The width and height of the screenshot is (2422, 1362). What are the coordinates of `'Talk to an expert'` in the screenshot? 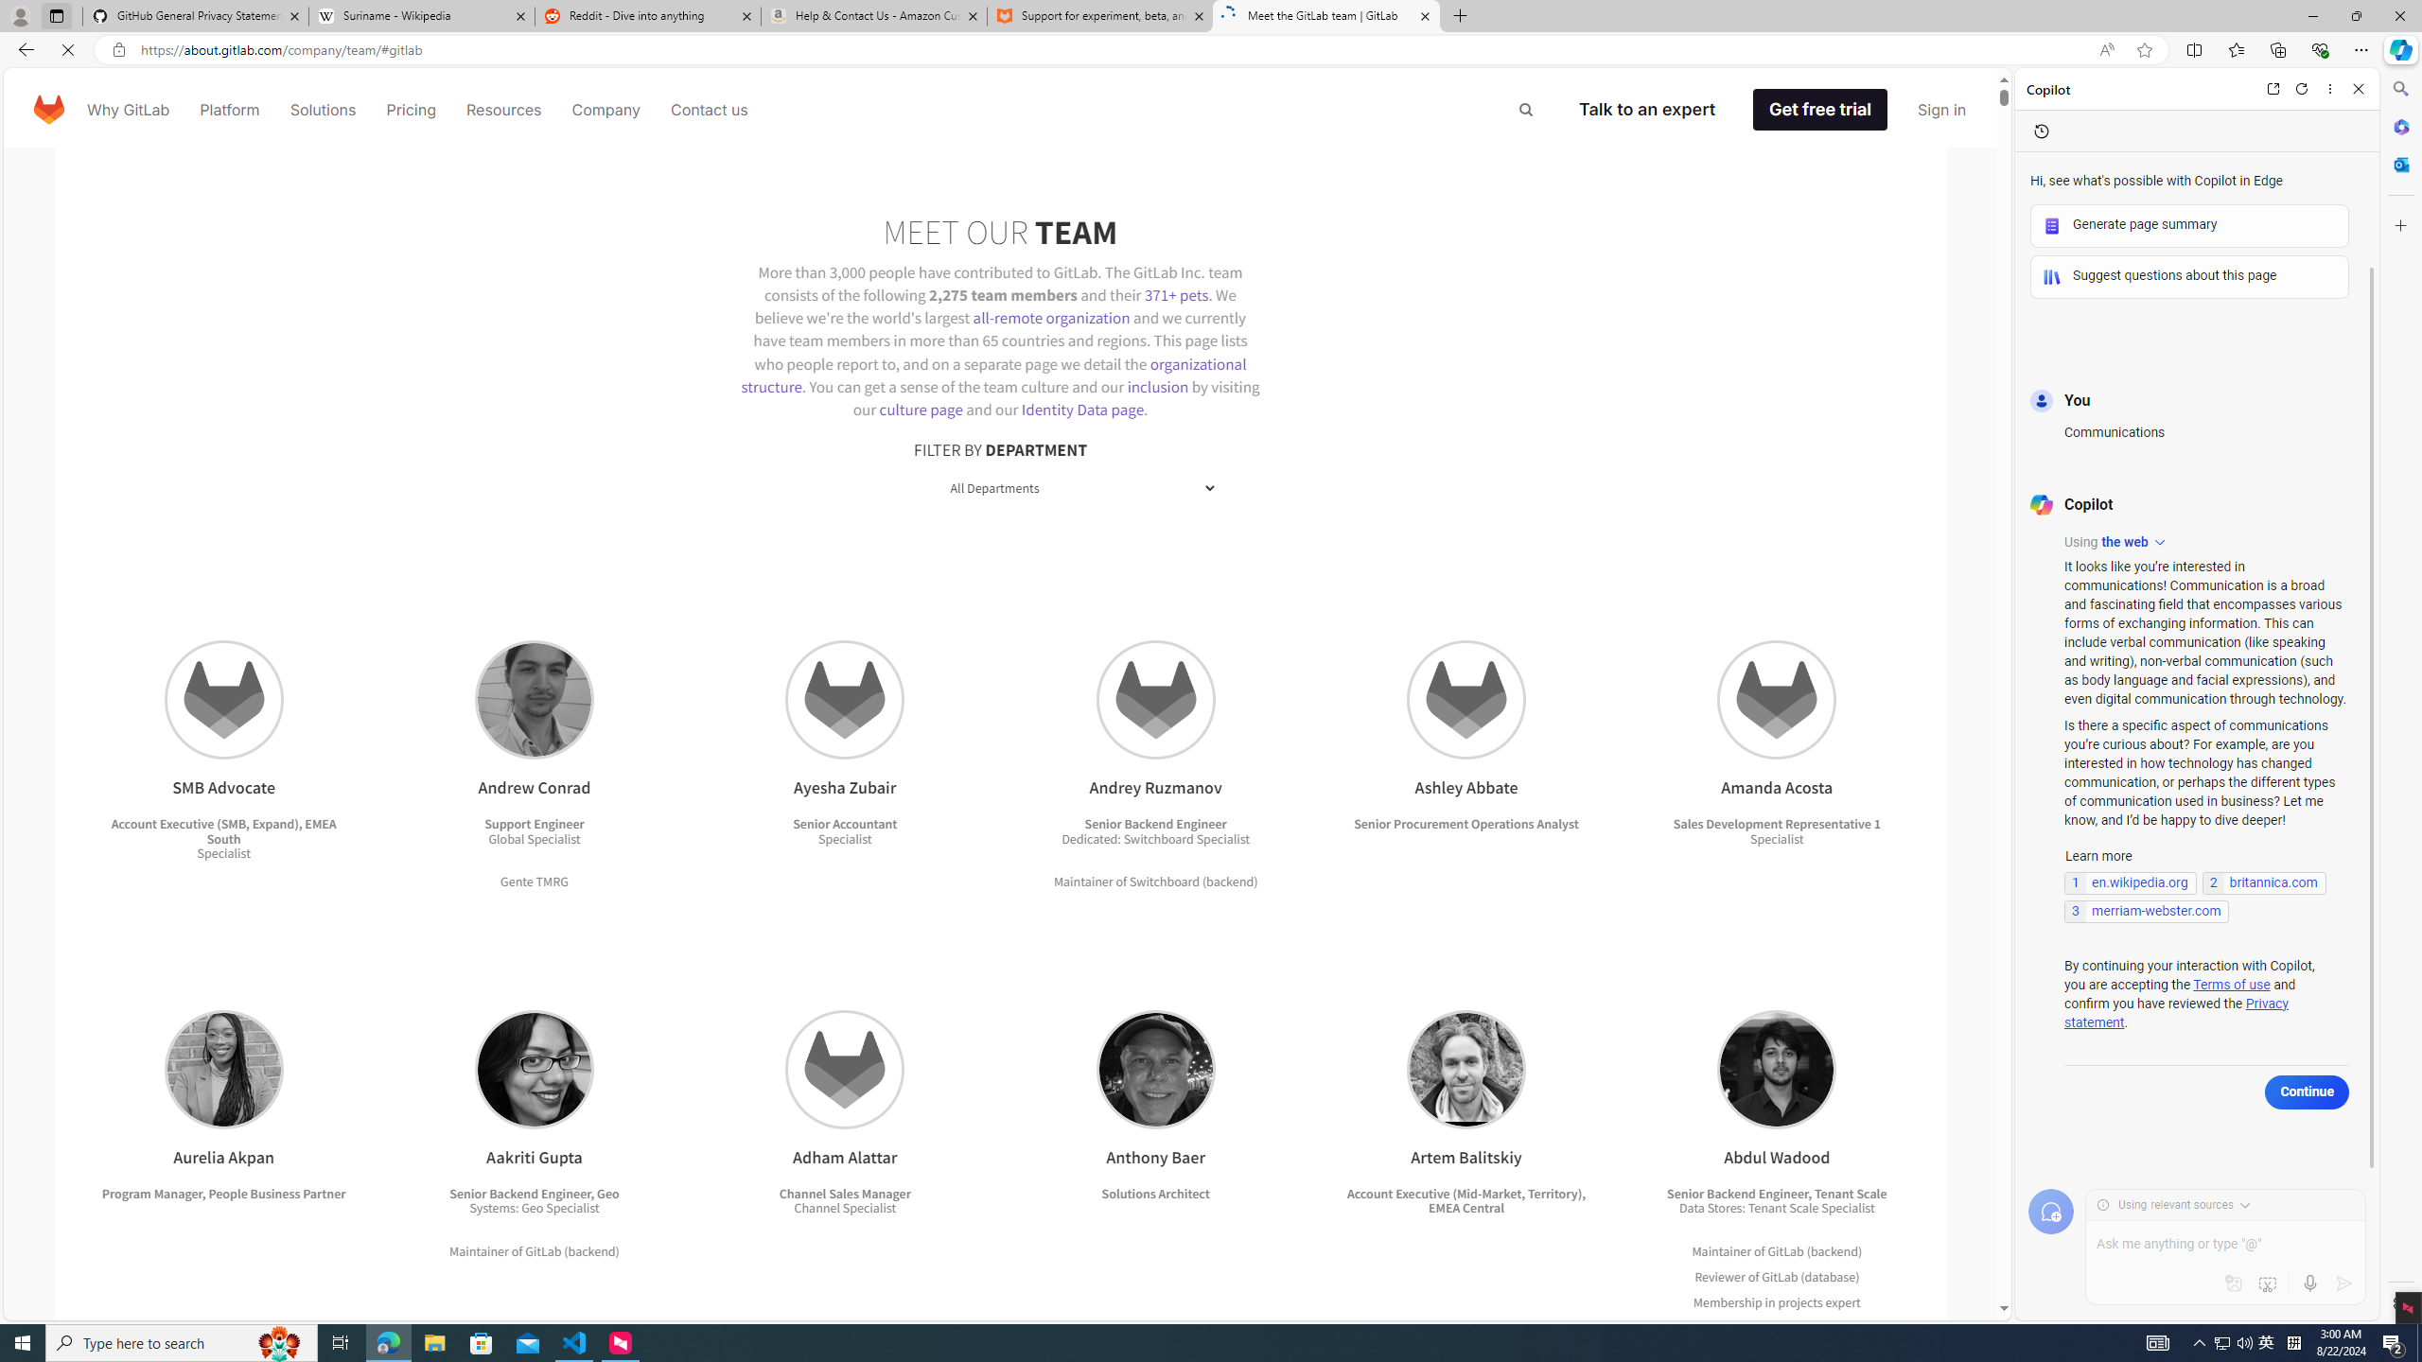 It's located at (1661, 108).